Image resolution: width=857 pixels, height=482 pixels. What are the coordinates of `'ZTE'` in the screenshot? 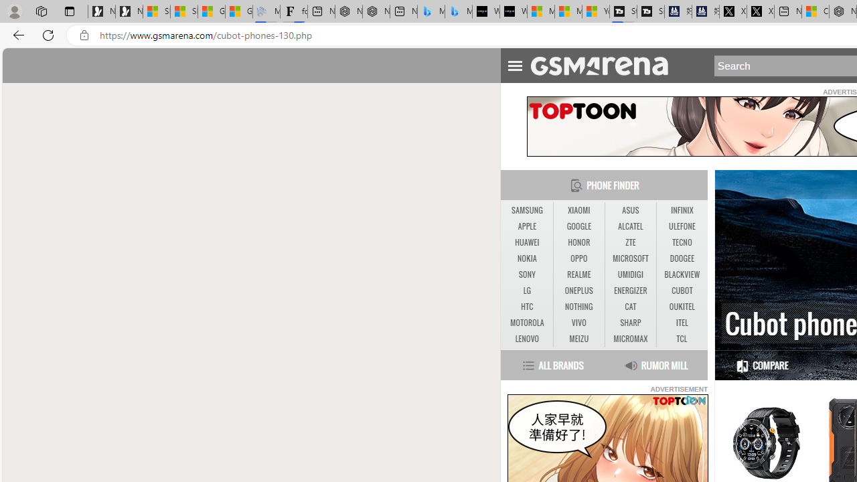 It's located at (629, 242).